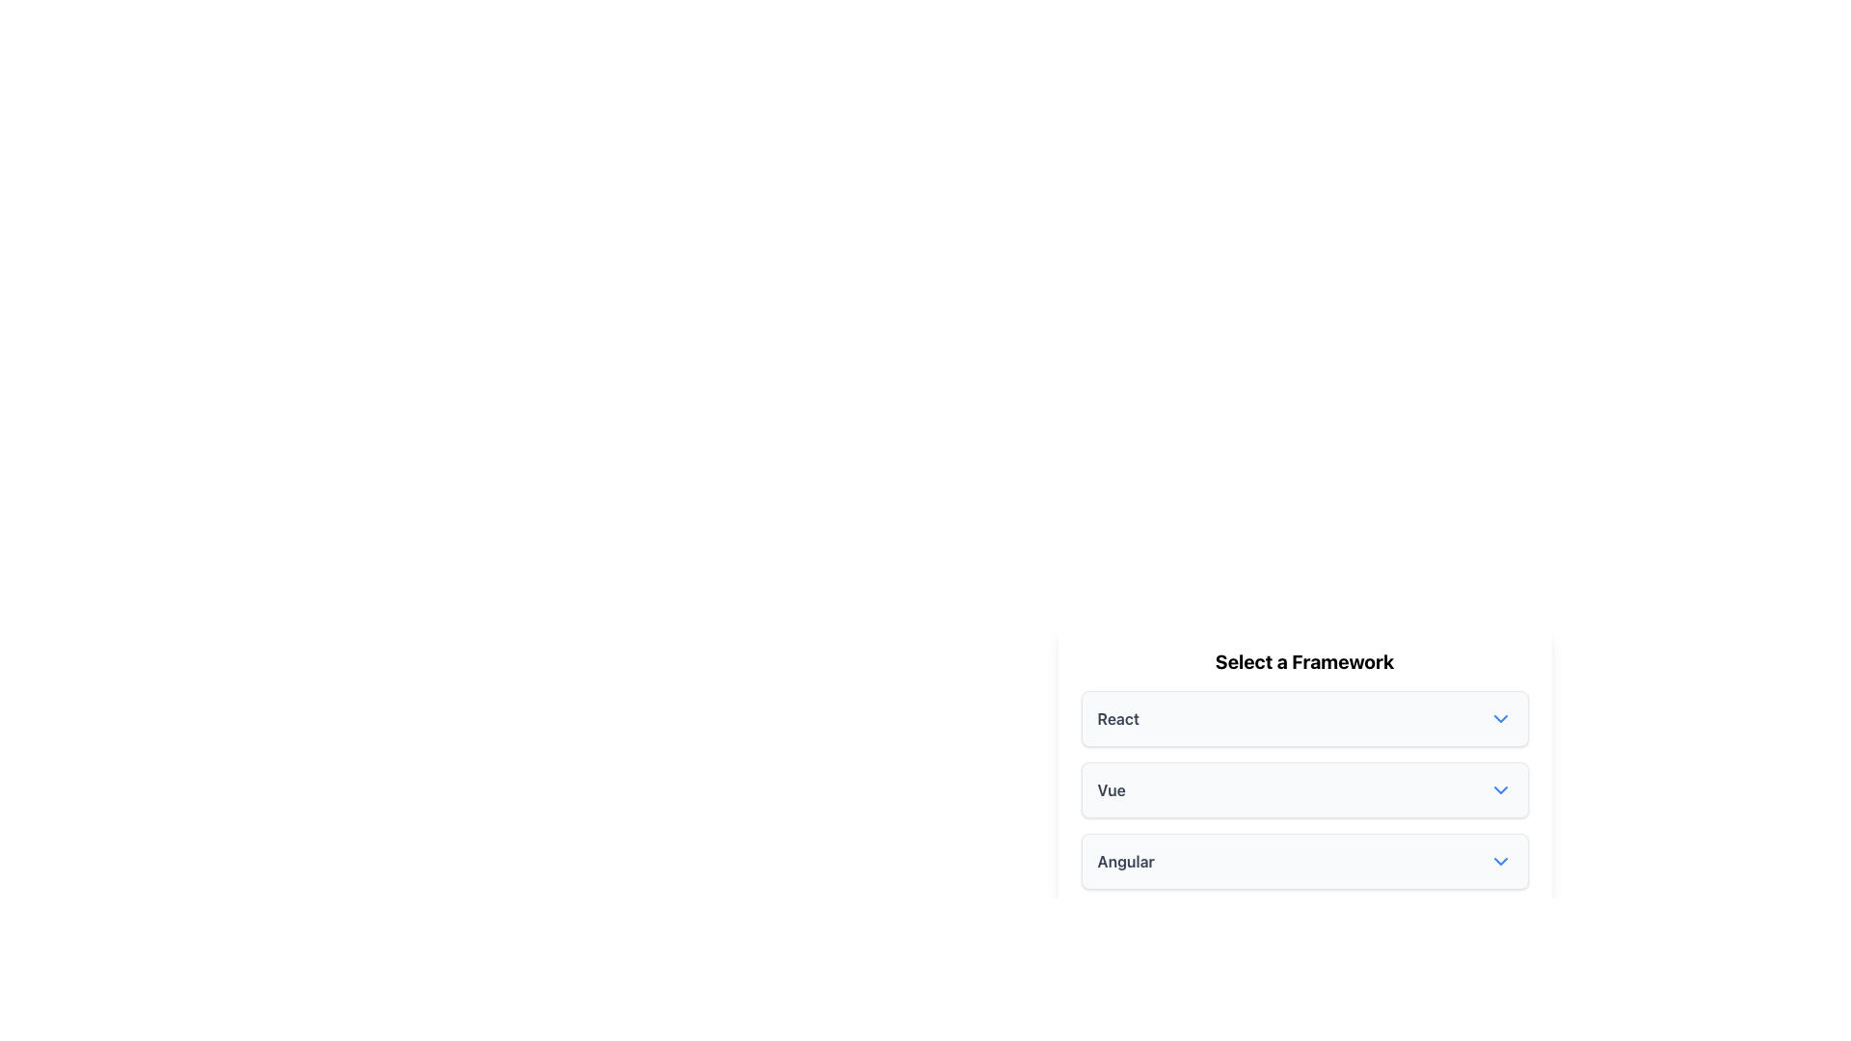 This screenshot has height=1041, width=1851. Describe the element at coordinates (1499, 861) in the screenshot. I see `the downwards-pointing chevron icon styled in blue within the 'Angular' selection box` at that location.